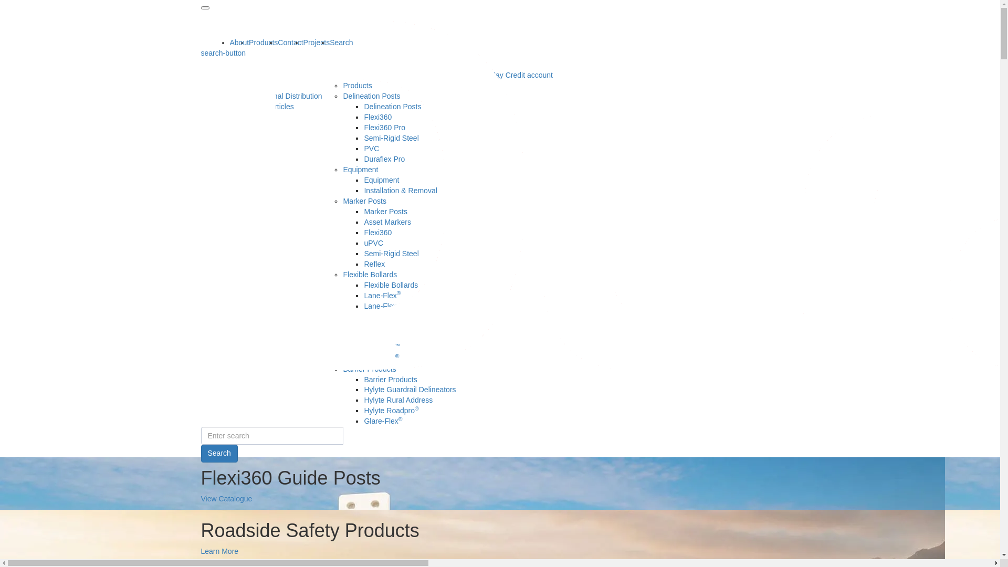  Describe the element at coordinates (363, 107) in the screenshot. I see `'Delineation Posts'` at that location.